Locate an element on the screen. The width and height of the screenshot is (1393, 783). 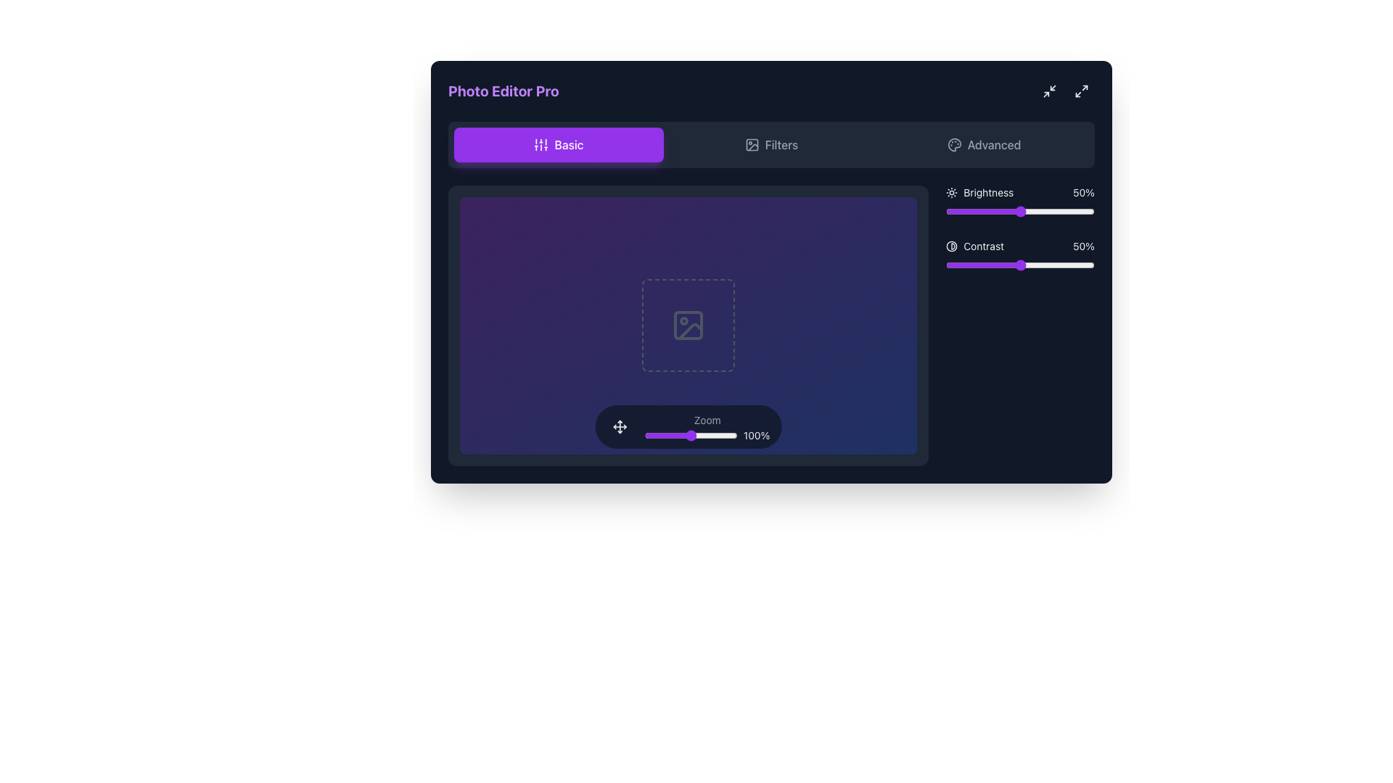
the slider is located at coordinates (1065, 265).